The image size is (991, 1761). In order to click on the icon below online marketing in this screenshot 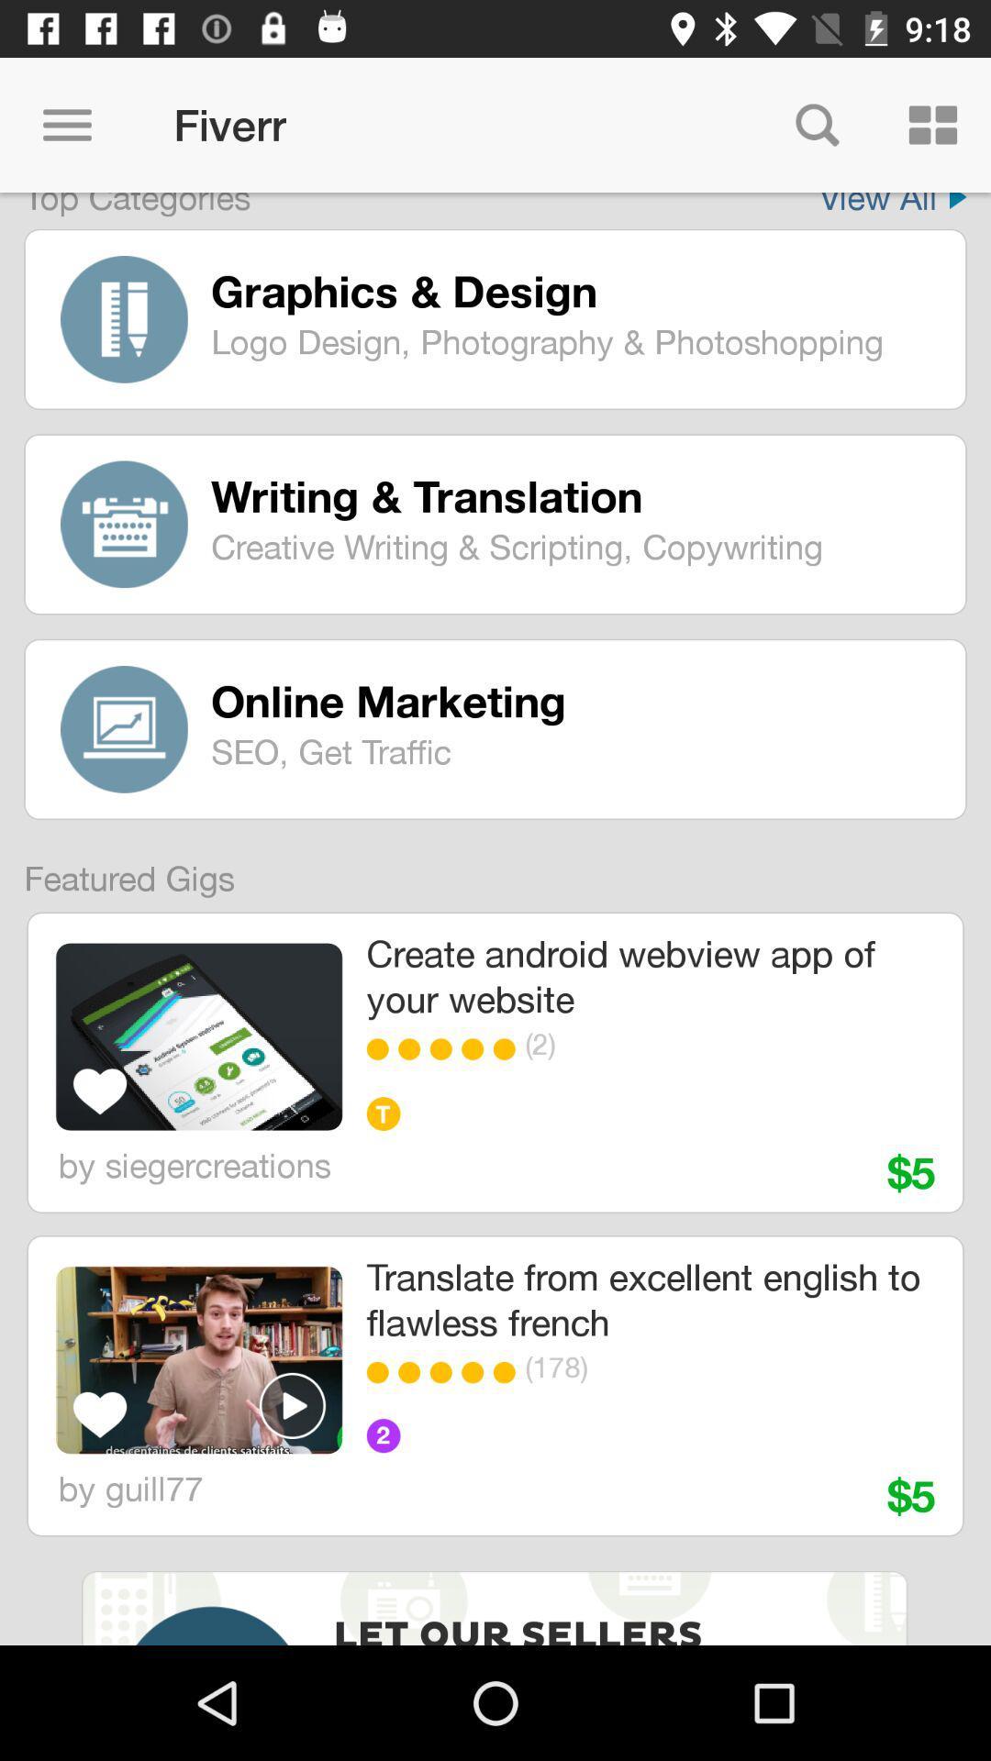, I will do `click(574, 751)`.